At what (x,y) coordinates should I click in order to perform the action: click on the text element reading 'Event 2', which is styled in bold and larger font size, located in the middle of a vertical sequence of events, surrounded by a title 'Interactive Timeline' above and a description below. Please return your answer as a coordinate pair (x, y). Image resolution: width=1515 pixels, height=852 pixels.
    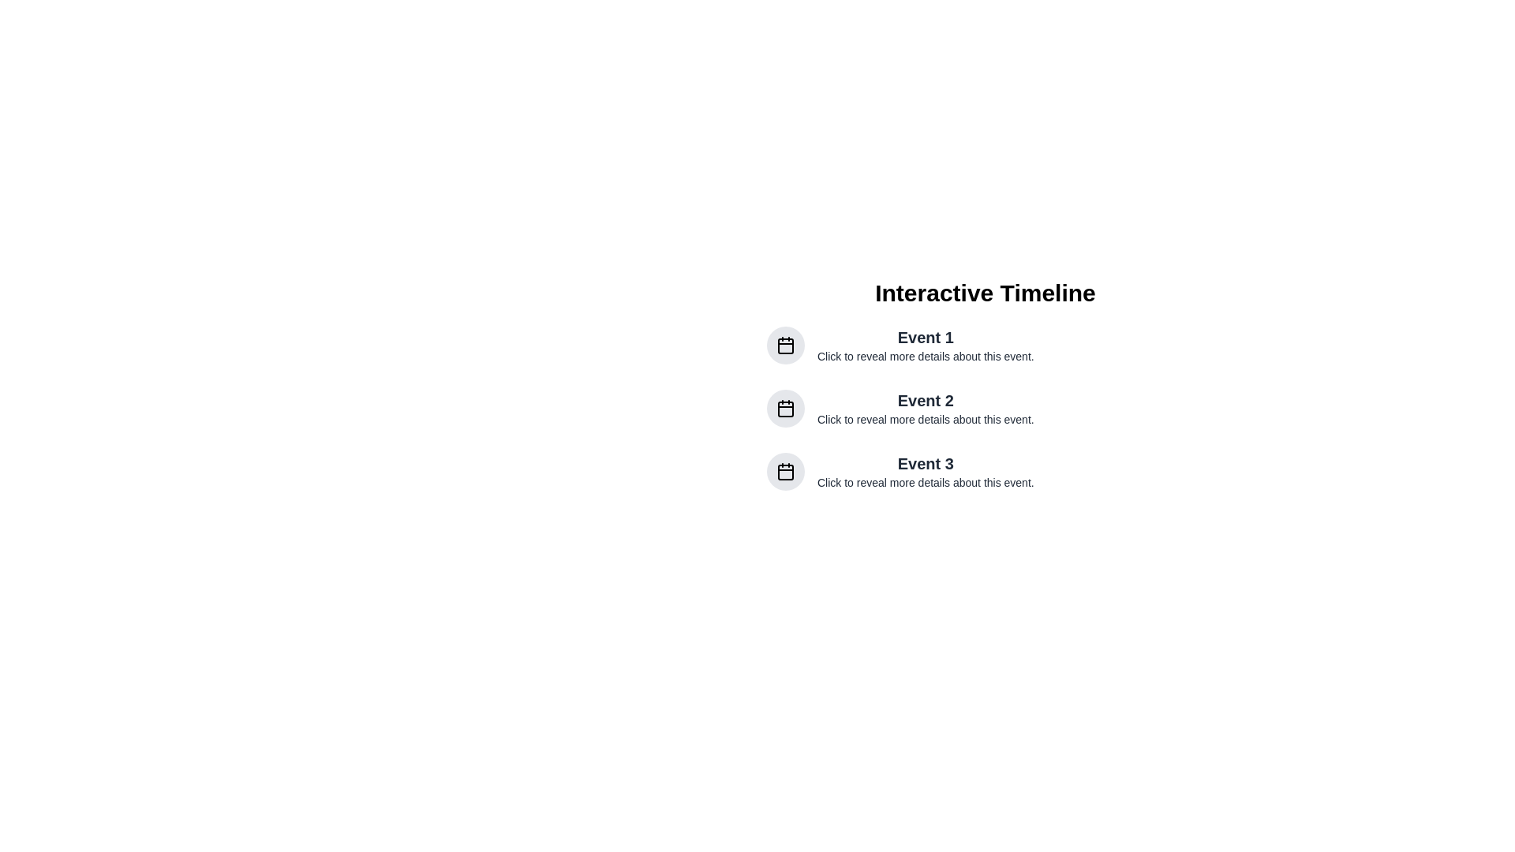
    Looking at the image, I should click on (926, 400).